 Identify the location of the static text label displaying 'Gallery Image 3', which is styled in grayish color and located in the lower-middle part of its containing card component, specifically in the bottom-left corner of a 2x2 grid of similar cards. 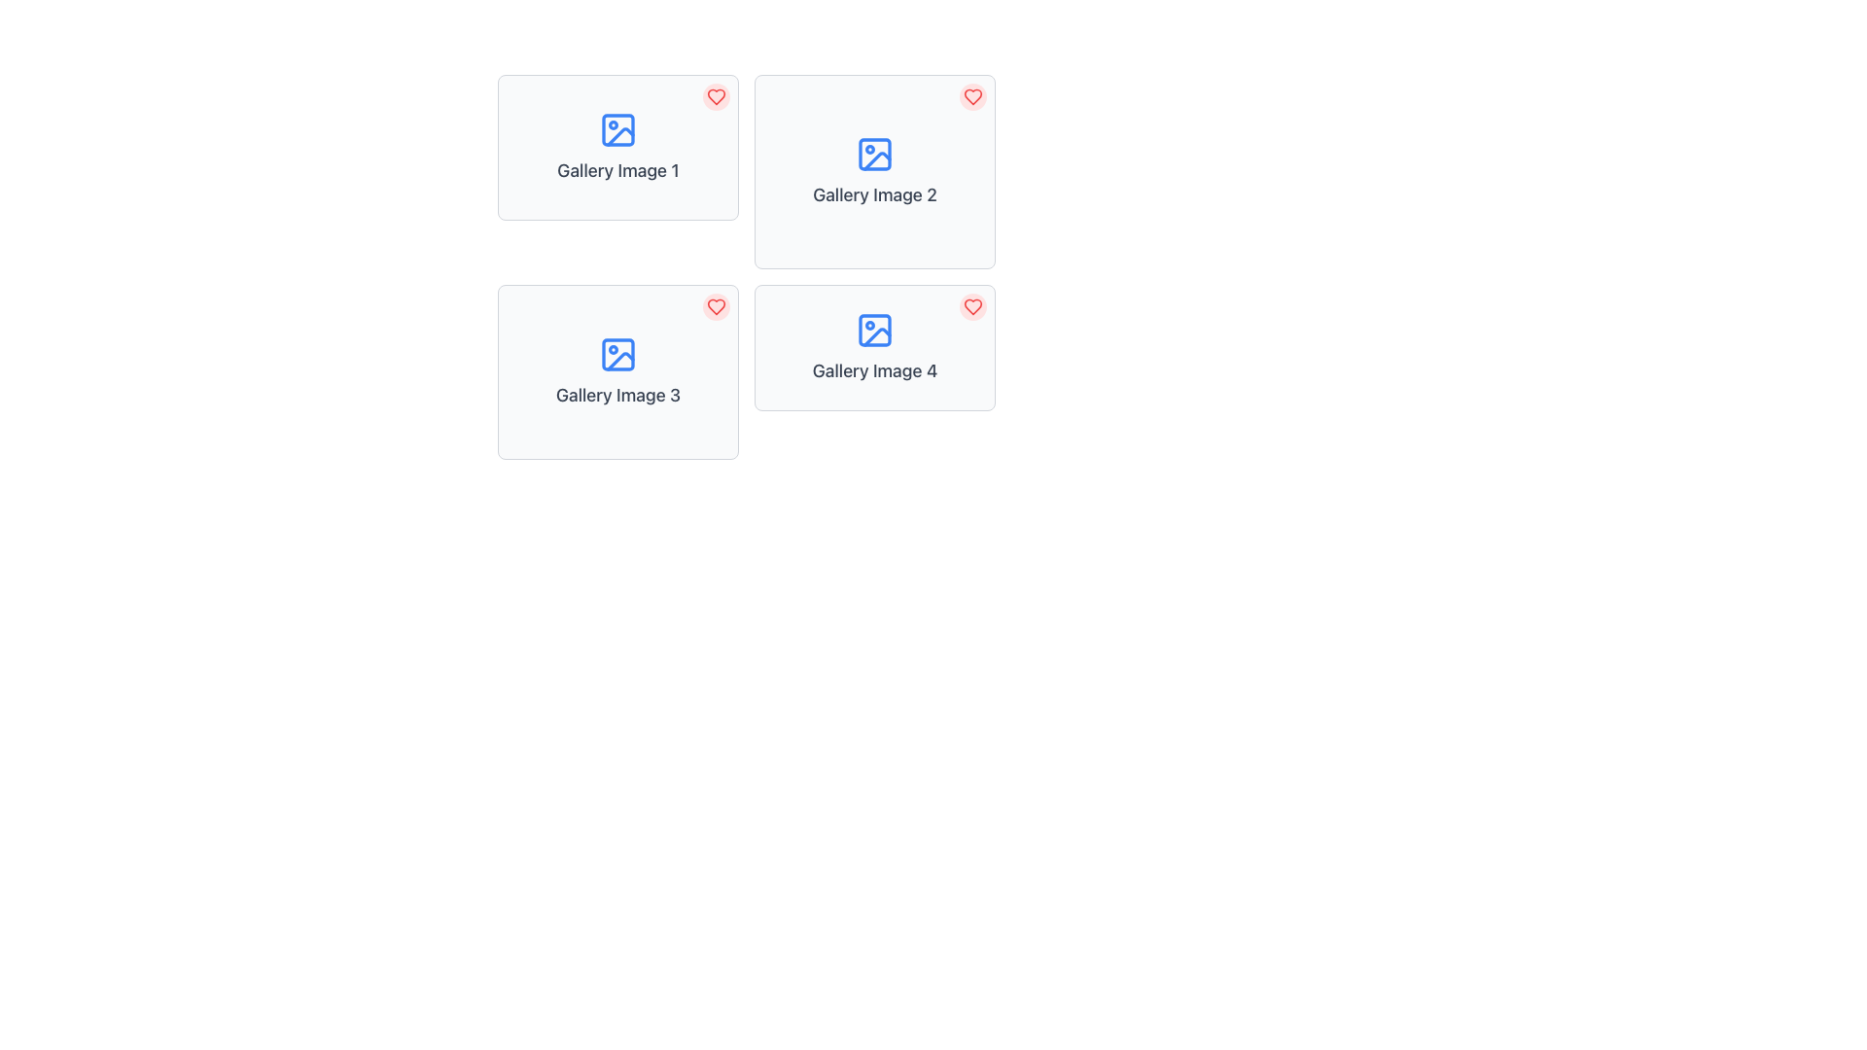
(616, 395).